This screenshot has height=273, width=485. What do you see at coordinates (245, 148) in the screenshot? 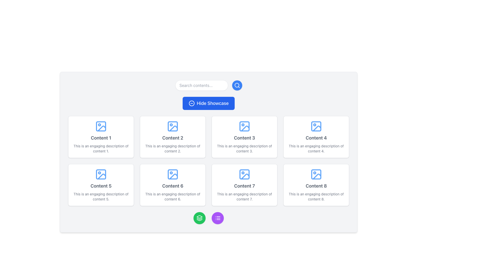
I see `the text label reading 'This is an engaging description of content 3', located at the bottom of the 'Content 3' card` at bounding box center [245, 148].